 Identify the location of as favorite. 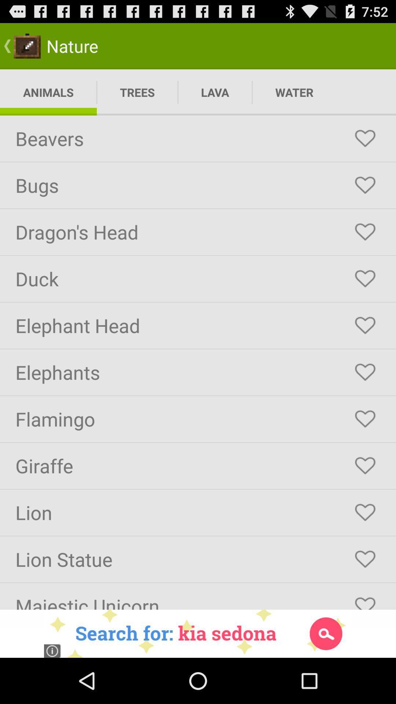
(365, 512).